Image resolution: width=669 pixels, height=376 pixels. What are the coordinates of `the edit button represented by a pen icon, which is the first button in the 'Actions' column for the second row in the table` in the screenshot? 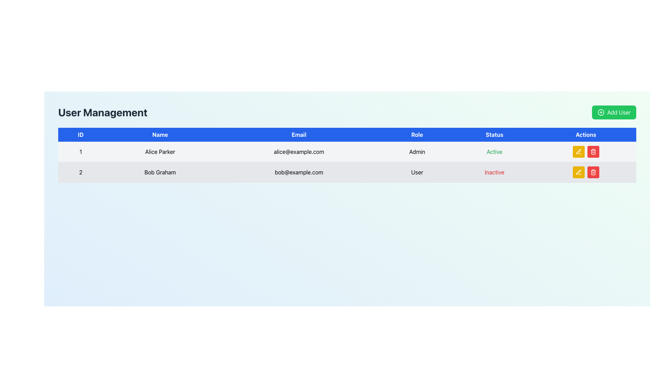 It's located at (578, 172).